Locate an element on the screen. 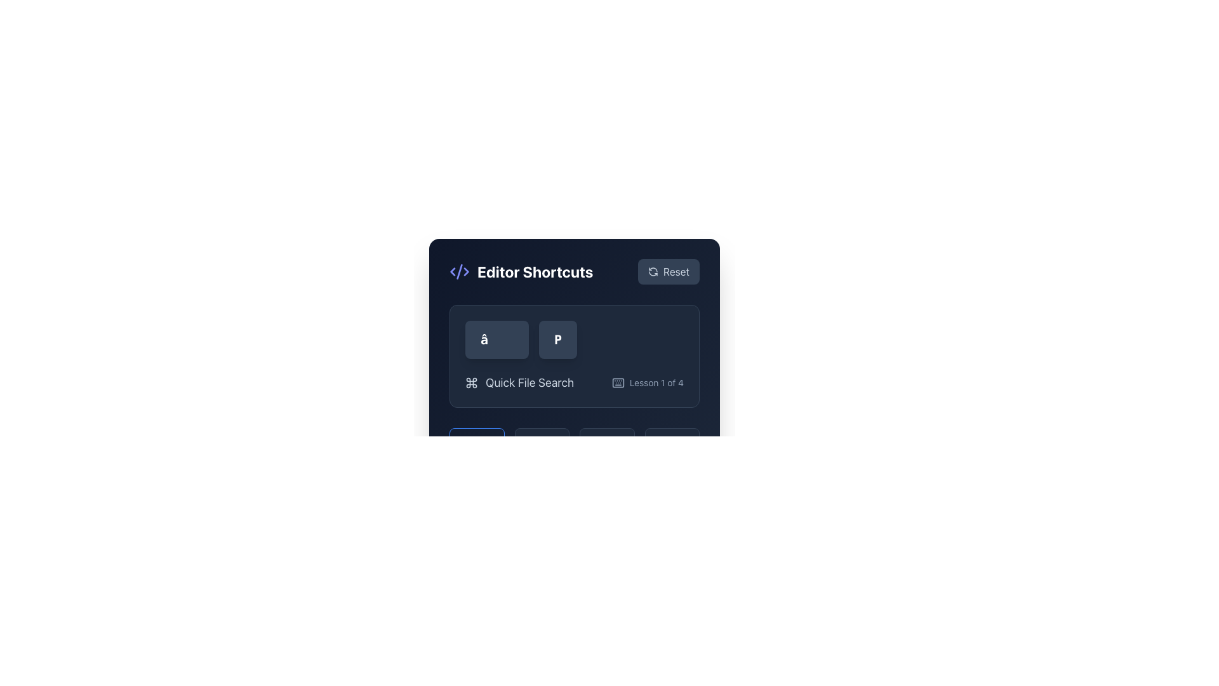  the 'Quick File Search' icon located to the left of the text label 'Quick File Search' is located at coordinates (471, 382).